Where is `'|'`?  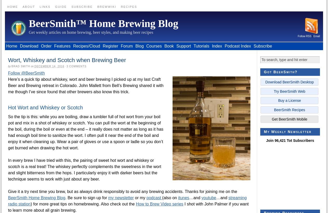
'|' is located at coordinates (312, 36).